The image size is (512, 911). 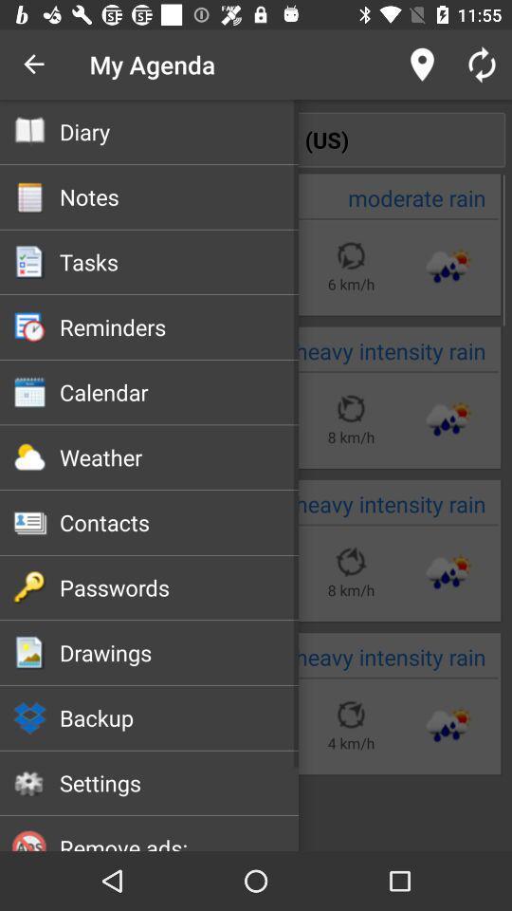 What do you see at coordinates (29, 523) in the screenshot?
I see `icon next to contacts` at bounding box center [29, 523].